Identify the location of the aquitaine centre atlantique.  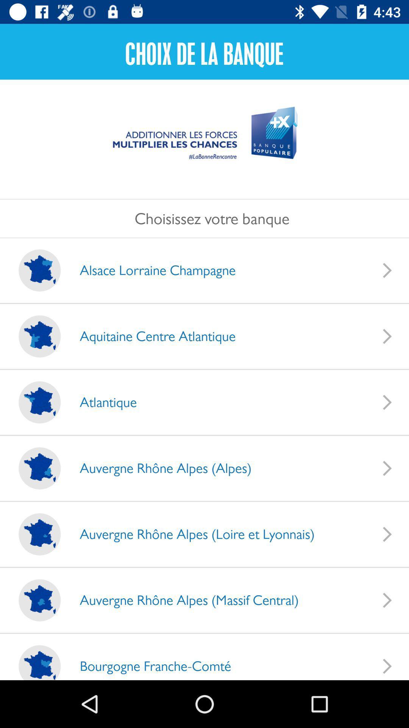
(150, 336).